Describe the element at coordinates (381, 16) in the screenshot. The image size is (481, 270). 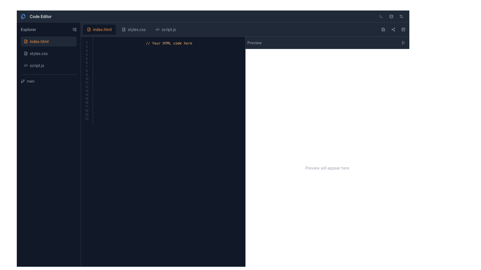
I see `the leftmost button in the top-right corner of the interface to invoke terminal-related actions` at that location.